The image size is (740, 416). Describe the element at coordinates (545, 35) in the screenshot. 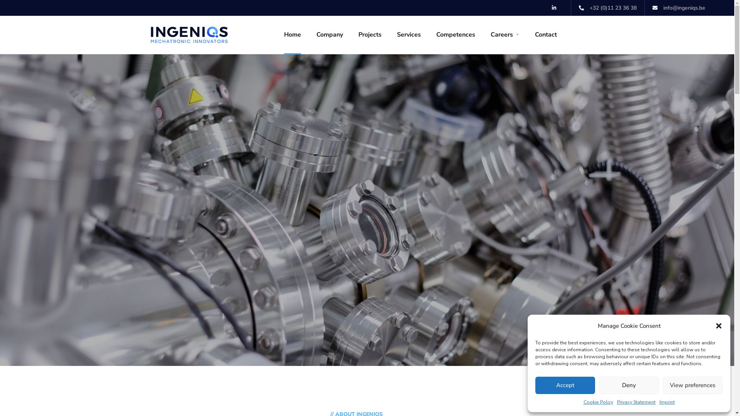

I see `'Contact'` at that location.